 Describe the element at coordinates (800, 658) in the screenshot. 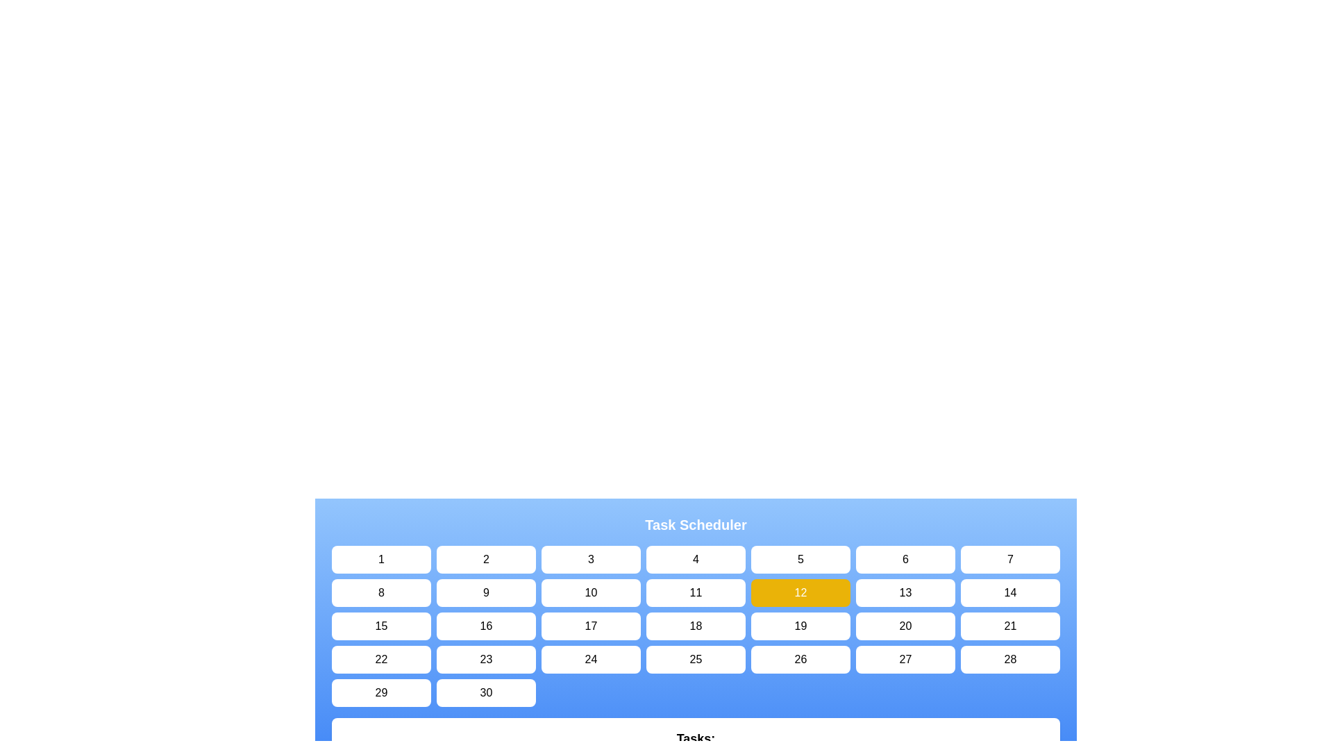

I see `the button displaying the number '26' with a white background and rounded corners, located in the 4th row and 5th position of a 7-column grid layout` at that location.